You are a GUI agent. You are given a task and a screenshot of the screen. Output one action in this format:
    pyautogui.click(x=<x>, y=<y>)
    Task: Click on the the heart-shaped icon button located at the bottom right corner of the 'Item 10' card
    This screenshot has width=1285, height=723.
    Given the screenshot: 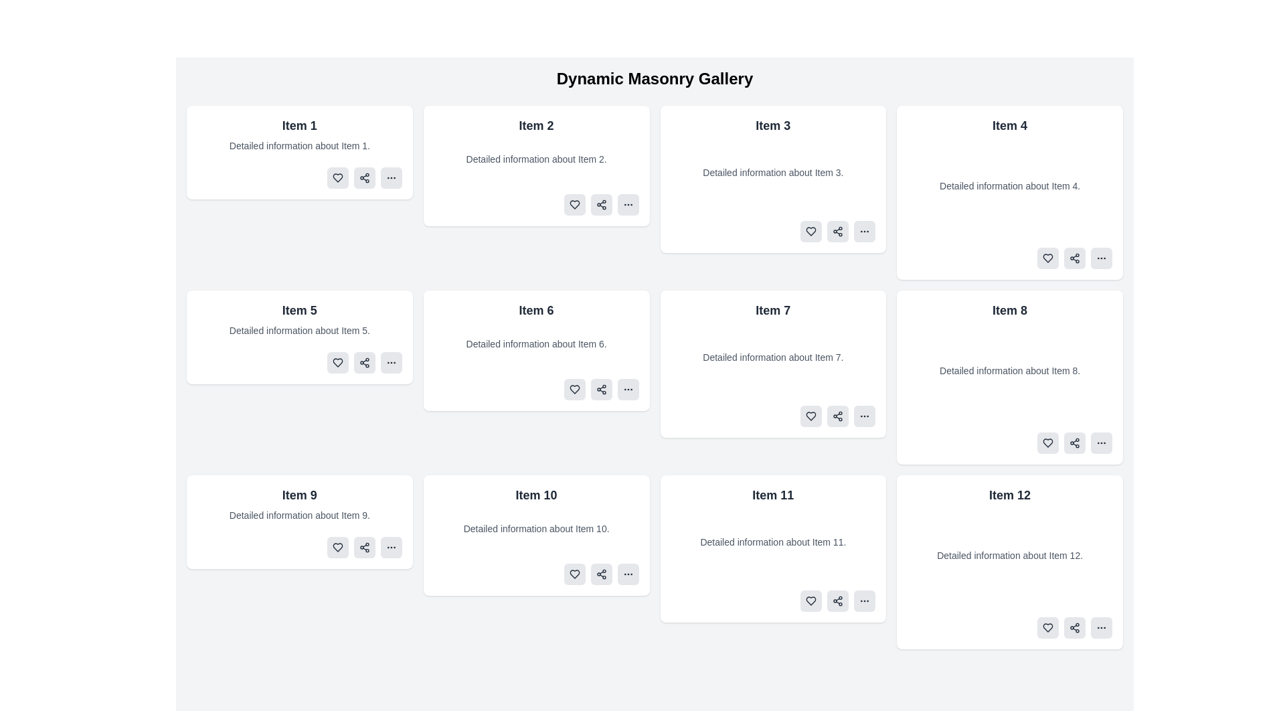 What is the action you would take?
    pyautogui.click(x=574, y=573)
    